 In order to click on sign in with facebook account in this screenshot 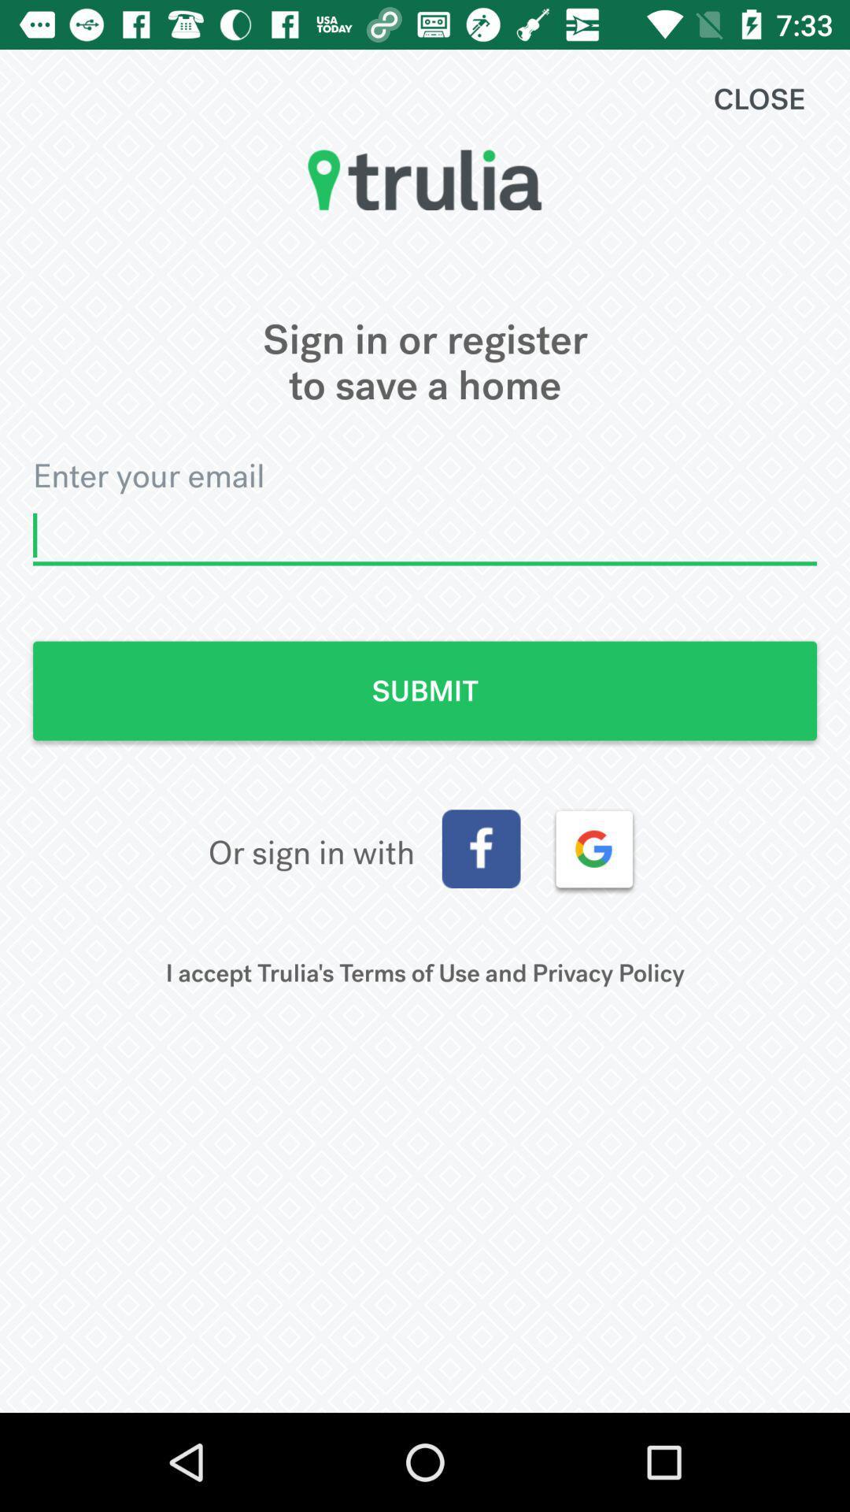, I will do `click(480, 848)`.